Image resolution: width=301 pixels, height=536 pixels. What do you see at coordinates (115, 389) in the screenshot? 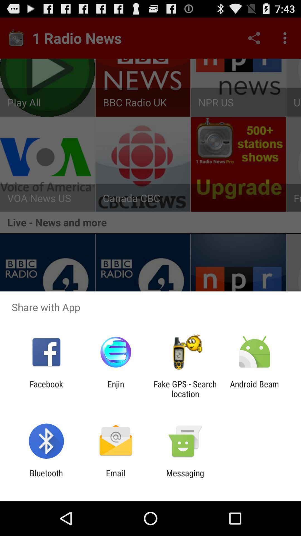
I see `the item next to the fake gps search` at bounding box center [115, 389].